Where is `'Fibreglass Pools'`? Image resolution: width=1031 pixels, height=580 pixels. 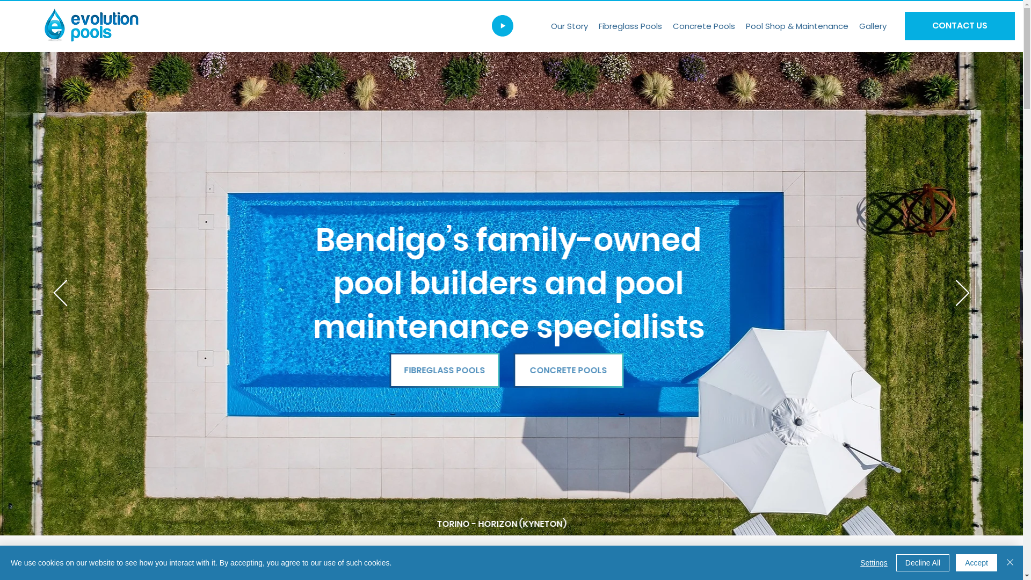 'Fibreglass Pools' is located at coordinates (630, 25).